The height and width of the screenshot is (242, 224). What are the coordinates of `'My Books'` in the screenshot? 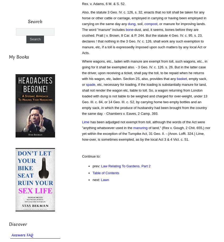 It's located at (19, 56).